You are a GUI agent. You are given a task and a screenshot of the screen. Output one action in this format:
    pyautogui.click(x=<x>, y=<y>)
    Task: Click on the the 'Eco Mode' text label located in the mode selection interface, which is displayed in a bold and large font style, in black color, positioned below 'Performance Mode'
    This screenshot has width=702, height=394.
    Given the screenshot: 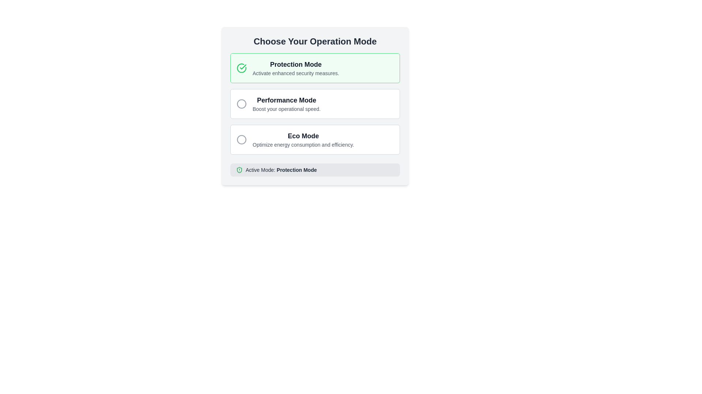 What is the action you would take?
    pyautogui.click(x=303, y=136)
    